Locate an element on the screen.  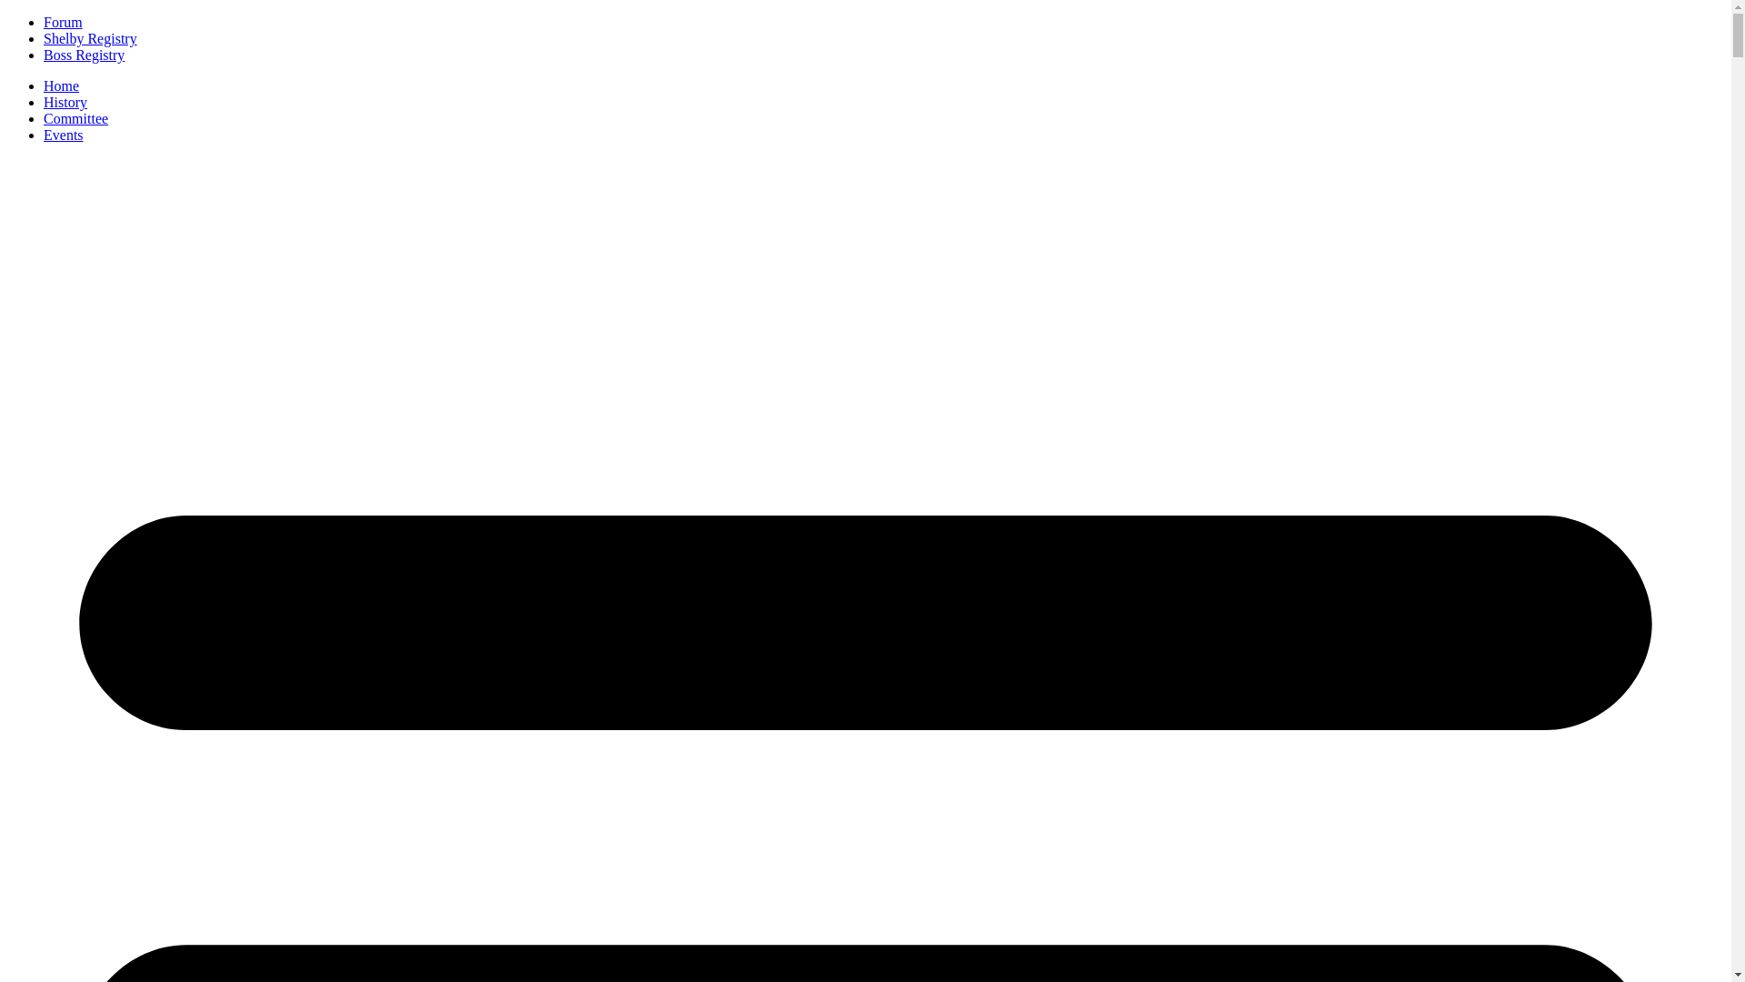
'Shelby Registry' is located at coordinates (89, 38).